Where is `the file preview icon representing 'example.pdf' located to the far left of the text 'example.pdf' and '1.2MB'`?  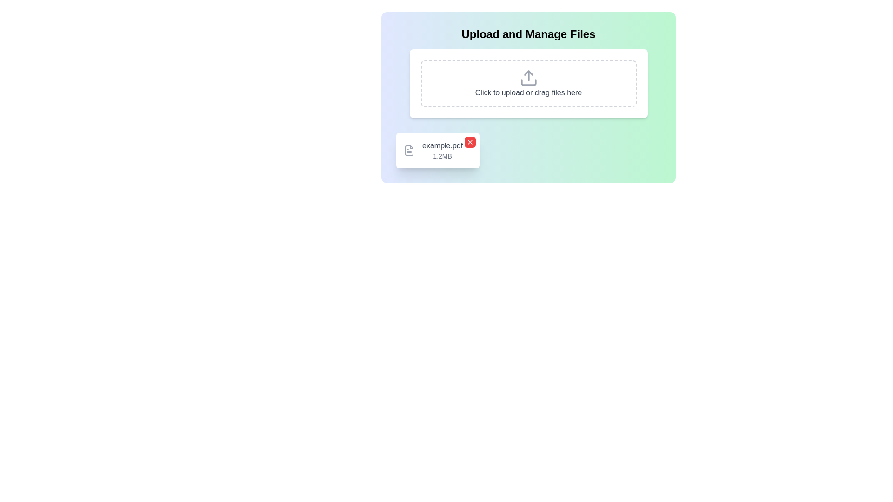
the file preview icon representing 'example.pdf' located to the far left of the text 'example.pdf' and '1.2MB' is located at coordinates (409, 150).